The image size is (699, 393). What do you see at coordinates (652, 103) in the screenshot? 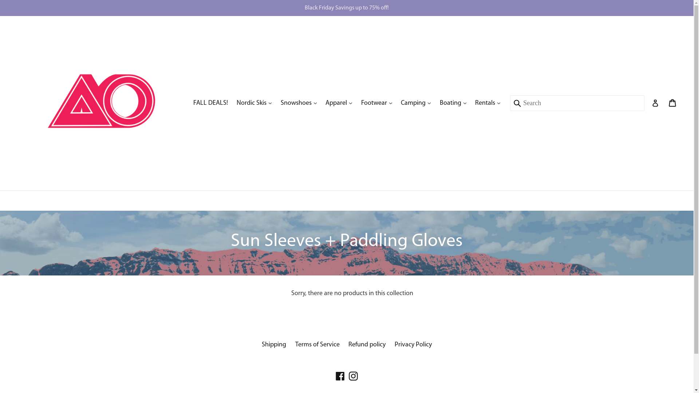
I see `'Log in'` at bounding box center [652, 103].